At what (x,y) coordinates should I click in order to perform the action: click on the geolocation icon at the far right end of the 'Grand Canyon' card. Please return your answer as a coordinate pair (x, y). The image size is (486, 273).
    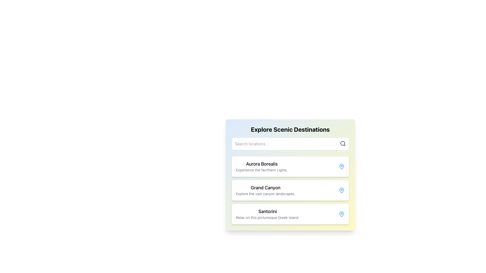
    Looking at the image, I should click on (341, 190).